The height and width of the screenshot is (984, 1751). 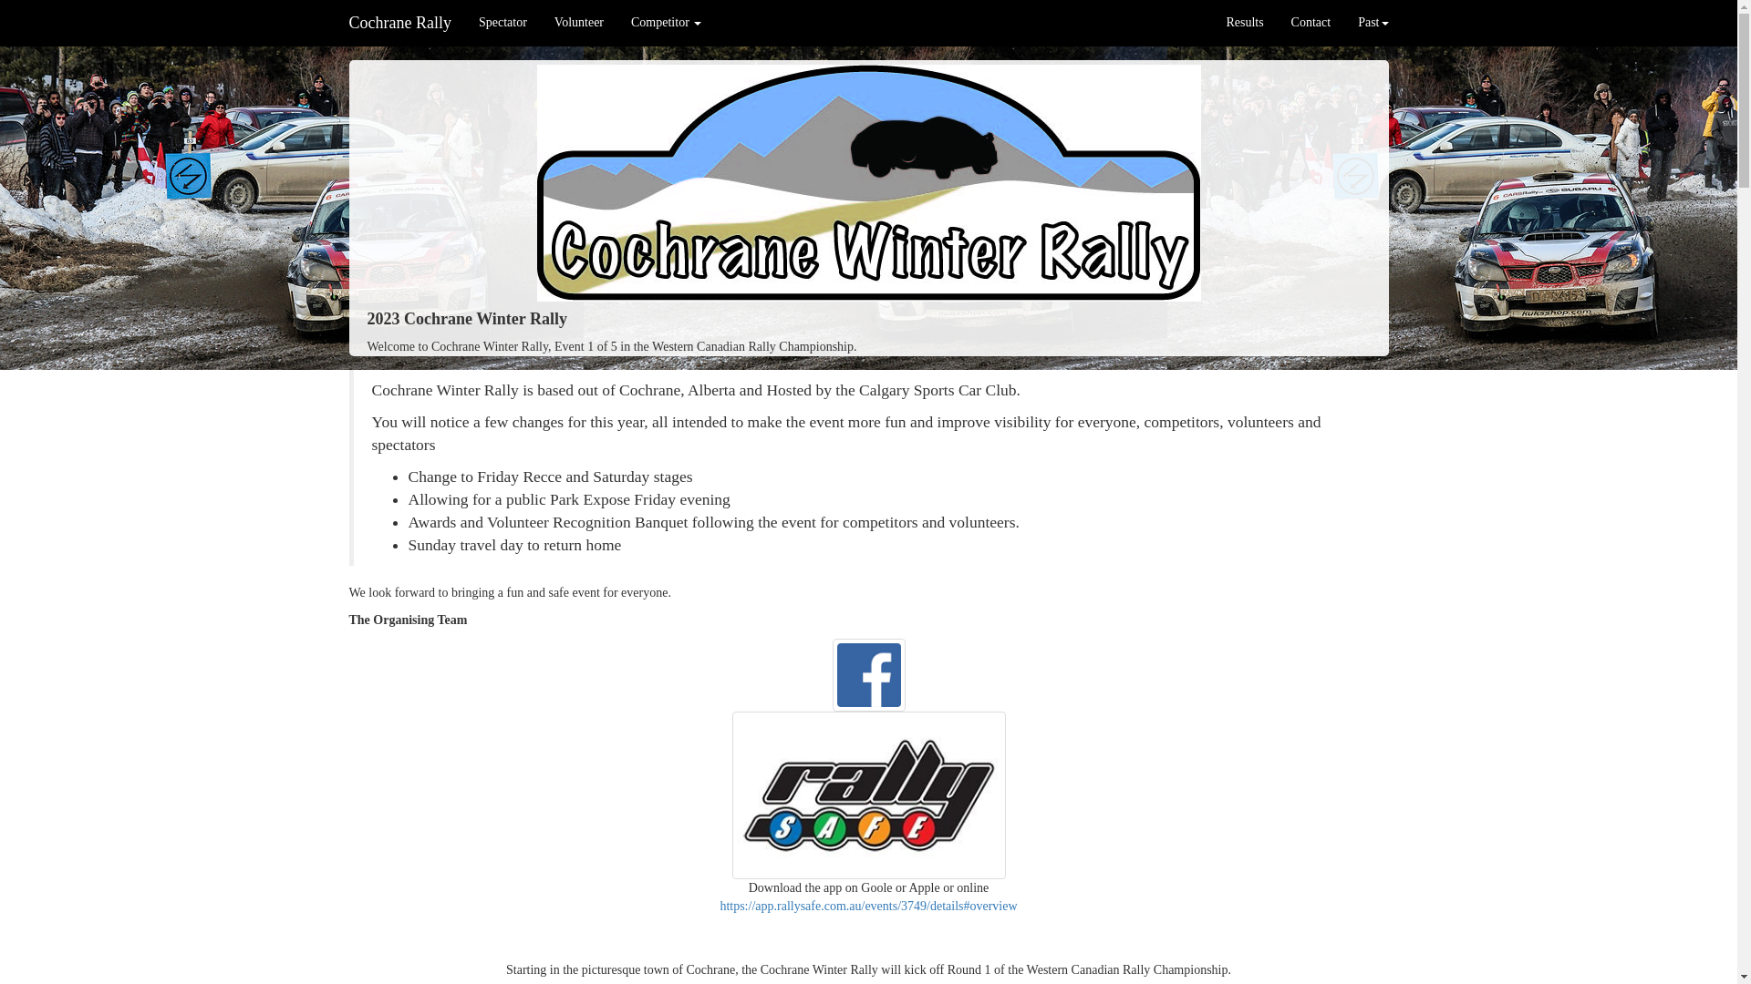 What do you see at coordinates (577, 22) in the screenshot?
I see `'Volunteer'` at bounding box center [577, 22].